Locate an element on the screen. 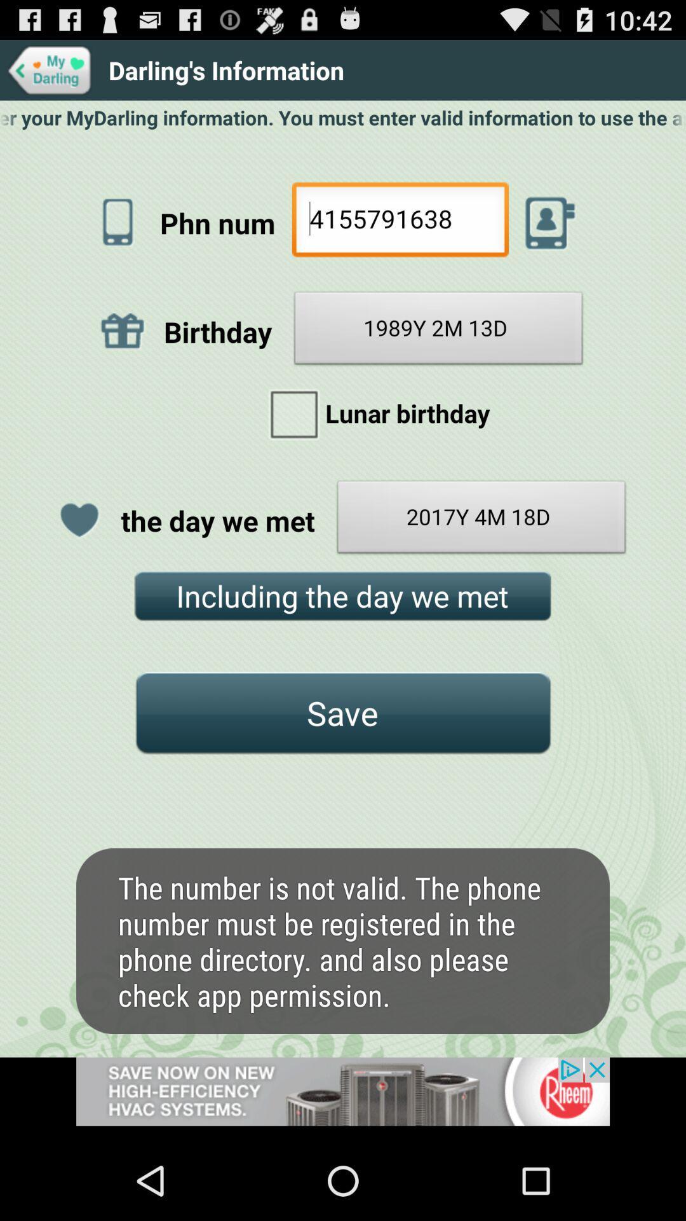 This screenshot has width=686, height=1221. advertisement is located at coordinates (343, 1098).